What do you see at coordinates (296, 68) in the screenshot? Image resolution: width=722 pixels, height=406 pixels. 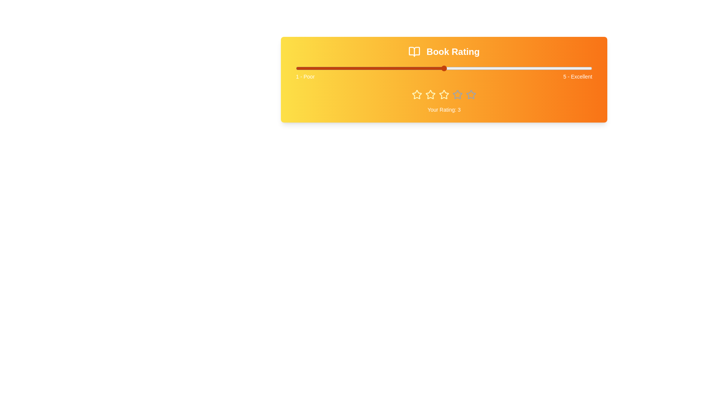 I see `the book rating slider` at bounding box center [296, 68].